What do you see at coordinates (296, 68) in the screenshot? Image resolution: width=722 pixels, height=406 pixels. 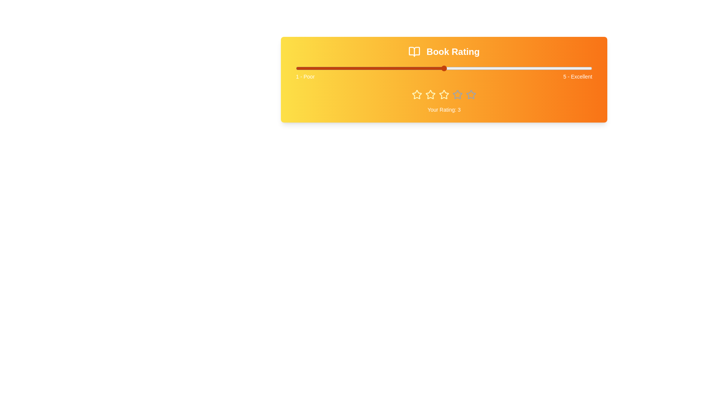 I see `the book rating slider` at bounding box center [296, 68].